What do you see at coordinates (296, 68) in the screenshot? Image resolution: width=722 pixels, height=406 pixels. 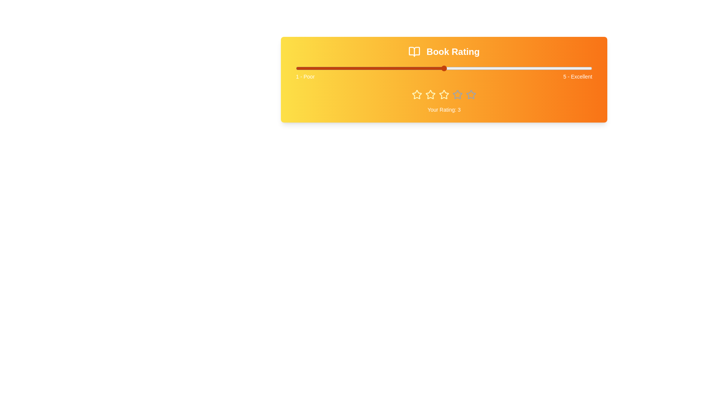 I see `the book rating slider` at bounding box center [296, 68].